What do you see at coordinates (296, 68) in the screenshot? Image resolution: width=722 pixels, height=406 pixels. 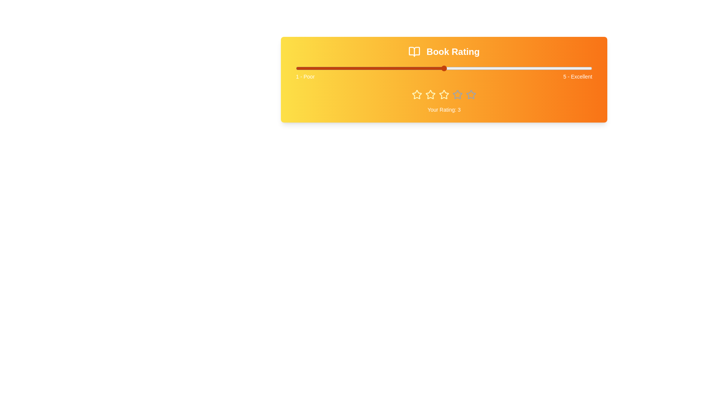 I see `the book rating slider` at bounding box center [296, 68].